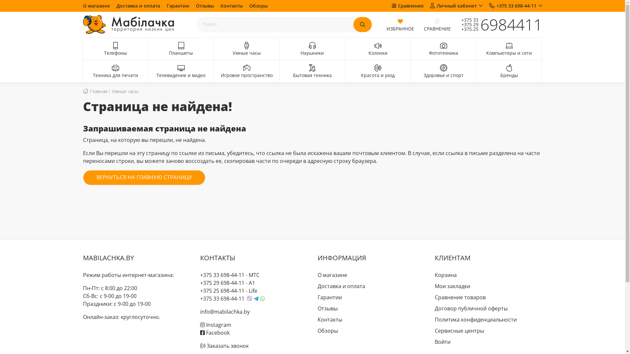 Image resolution: width=630 pixels, height=354 pixels. What do you see at coordinates (515, 5) in the screenshot?
I see `'+375 33 698-44-11'` at bounding box center [515, 5].